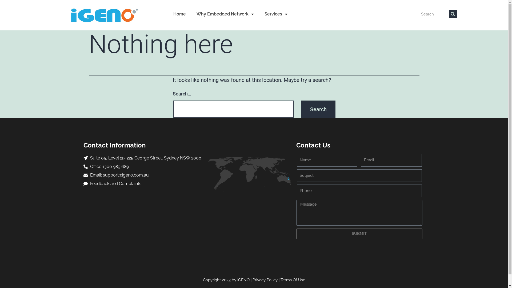 The width and height of the screenshot is (512, 288). Describe the element at coordinates (167, 14) in the screenshot. I see `'Home'` at that location.